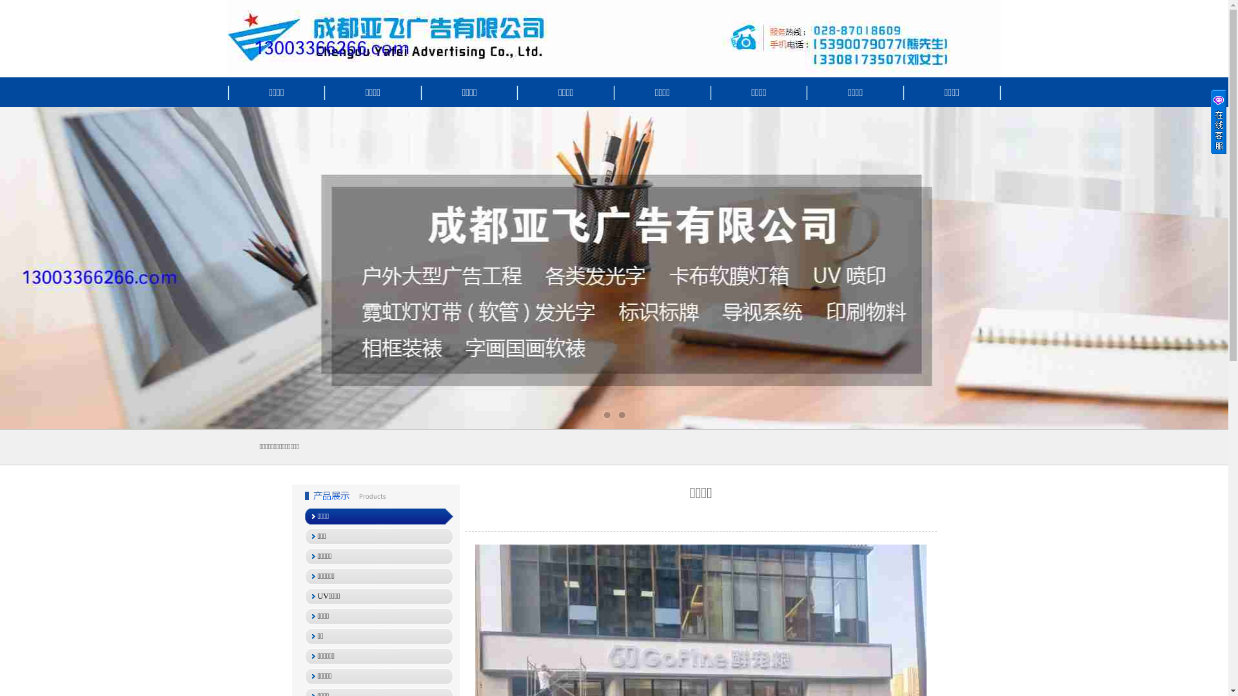 The width and height of the screenshot is (1238, 696). What do you see at coordinates (605, 415) in the screenshot?
I see `'1'` at bounding box center [605, 415].